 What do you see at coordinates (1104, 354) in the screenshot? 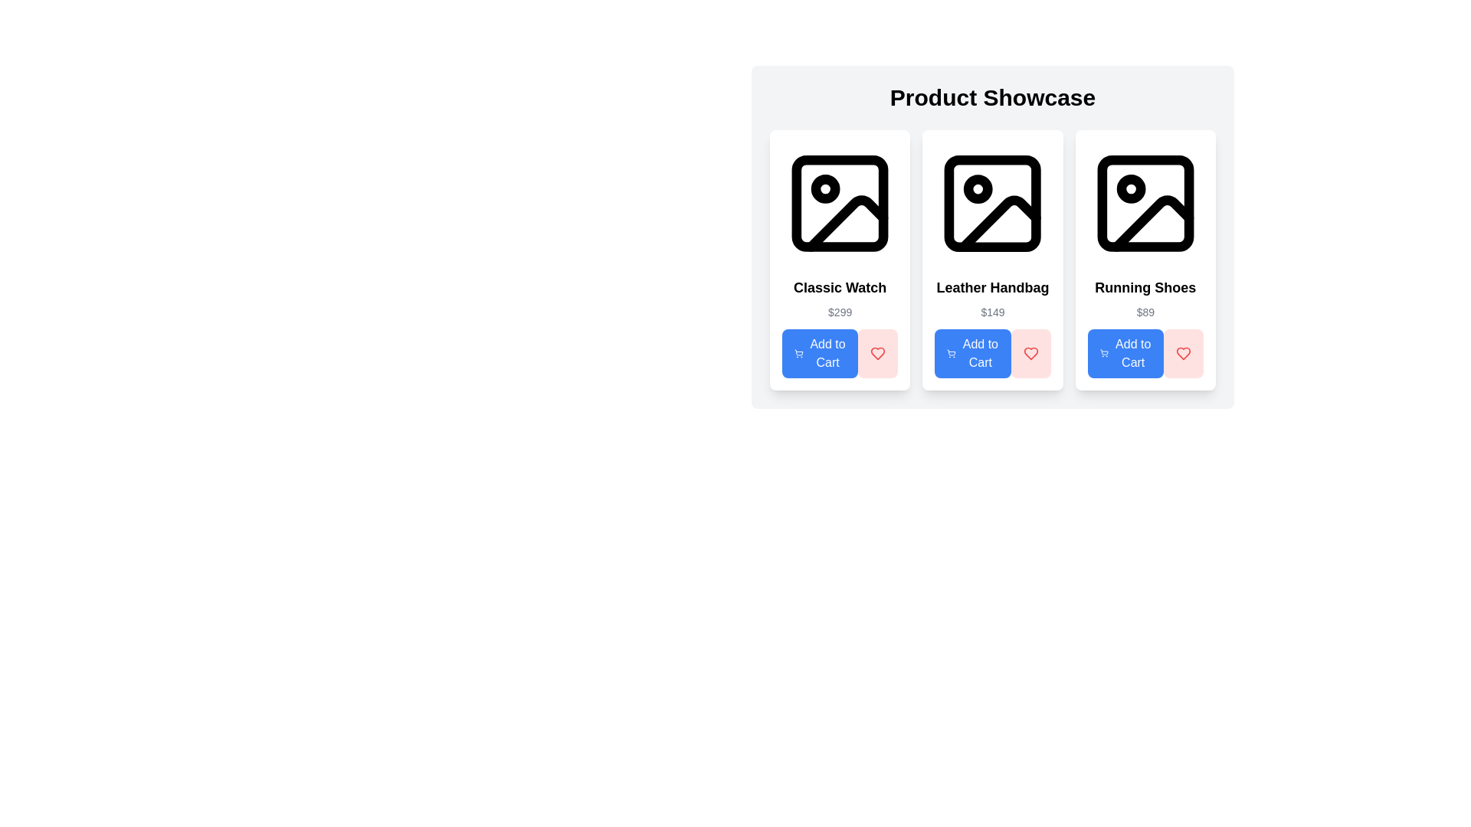
I see `the 'Add to Cart' button which contains a small blue shopping cart icon in its top-left corner` at bounding box center [1104, 354].